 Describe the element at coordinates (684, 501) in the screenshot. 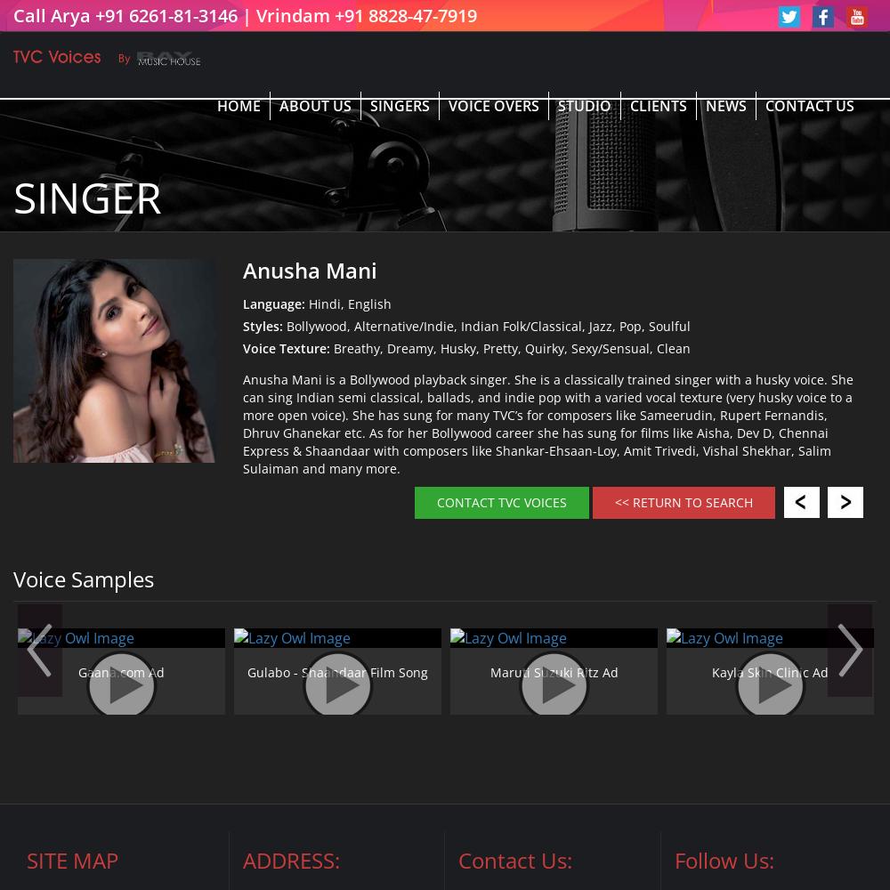

I see `'<< RETURN TO SEARCH'` at that location.